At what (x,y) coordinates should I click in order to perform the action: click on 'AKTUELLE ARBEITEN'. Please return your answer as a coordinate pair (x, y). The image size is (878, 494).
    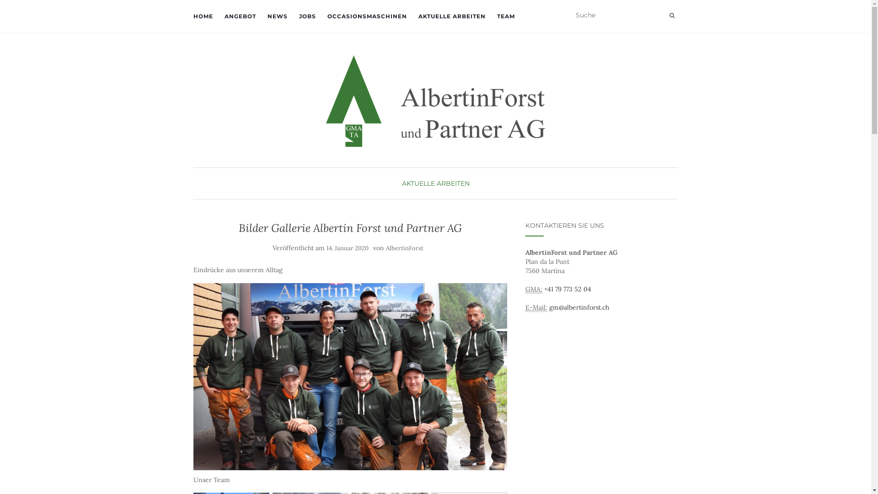
    Looking at the image, I should click on (434, 183).